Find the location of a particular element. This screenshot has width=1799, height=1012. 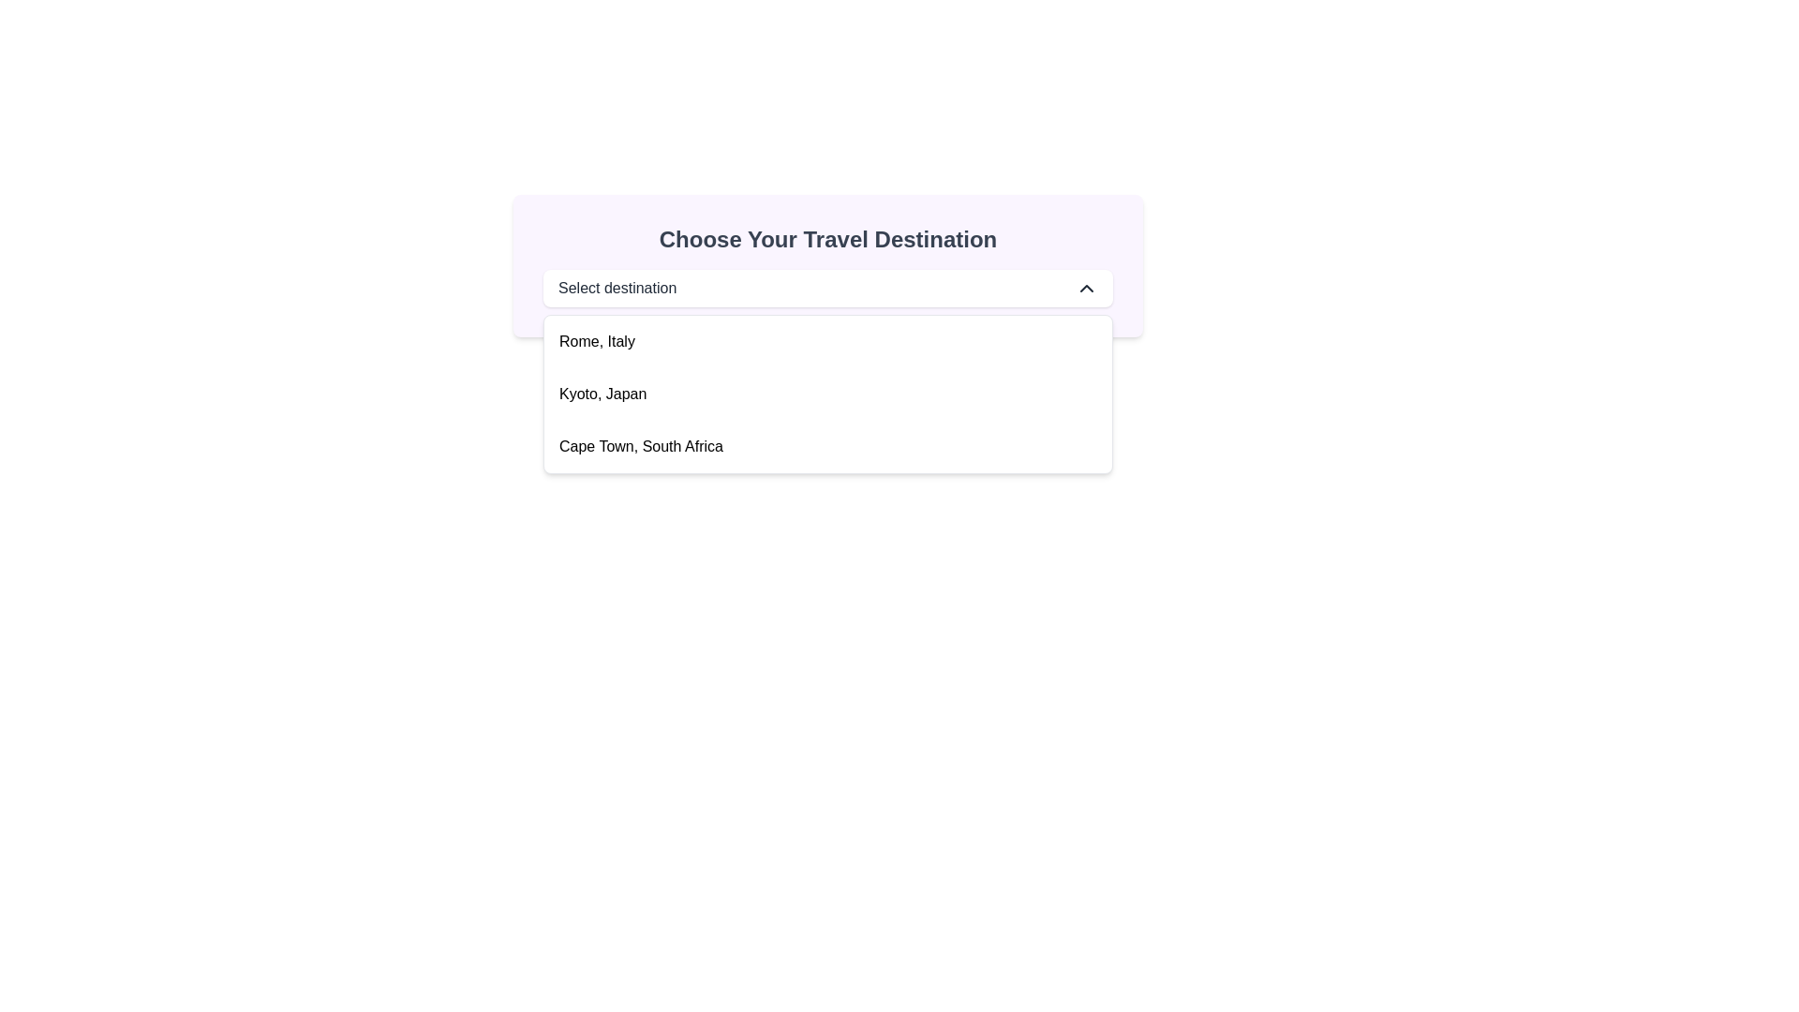

the dropdown menu labeled 'Select destination' for accessibility navigation, located below the text 'Choose Your Travel Destination' is located at coordinates (826, 289).